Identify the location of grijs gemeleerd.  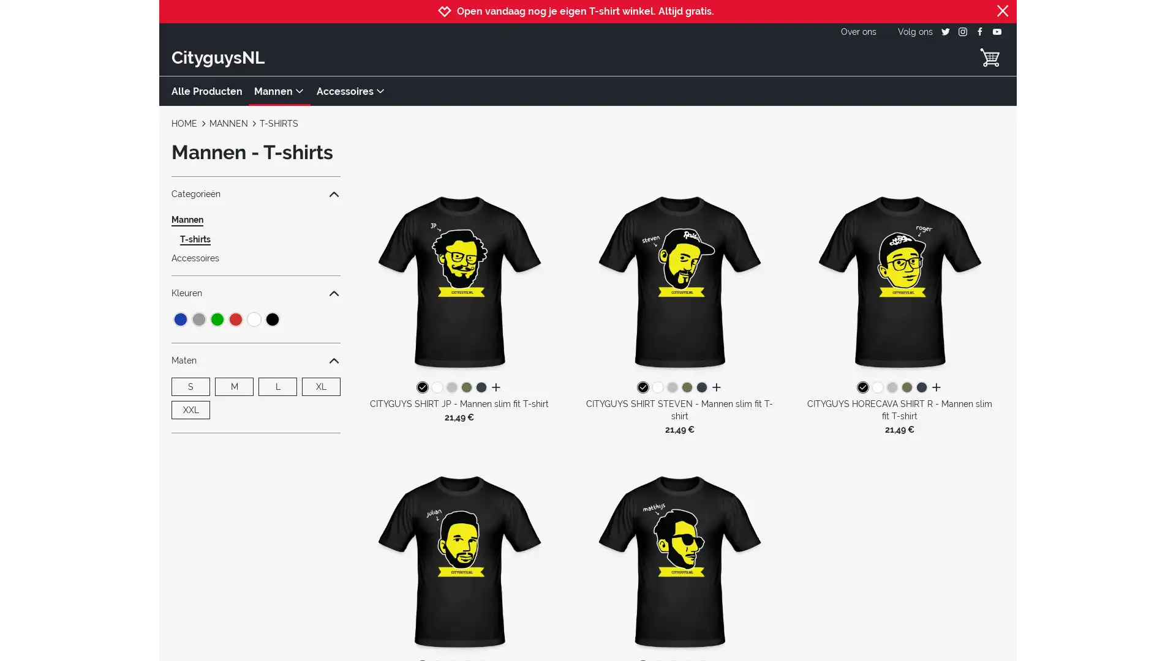
(892, 387).